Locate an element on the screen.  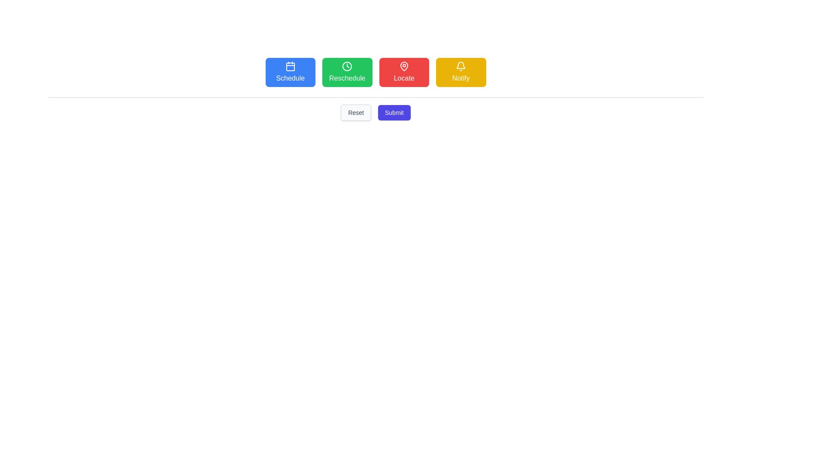
the icon located at the top left of the blue 'Schedule' button, which indicates scheduling functionality is located at coordinates (290, 66).